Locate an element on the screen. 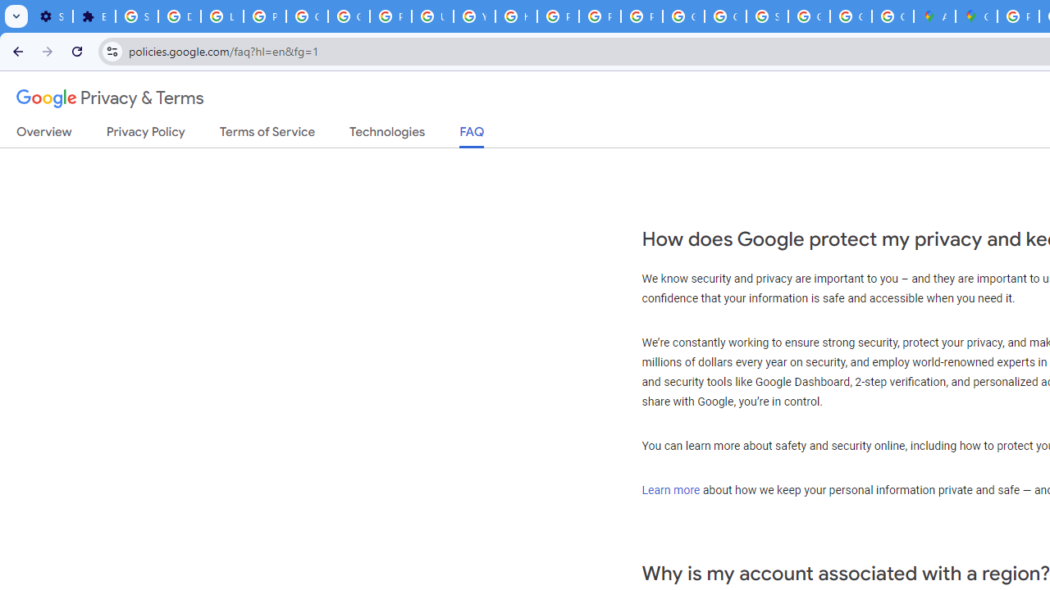 This screenshot has width=1050, height=590. 'Delete photos & videos - Computer - Google Photos Help' is located at coordinates (179, 16).